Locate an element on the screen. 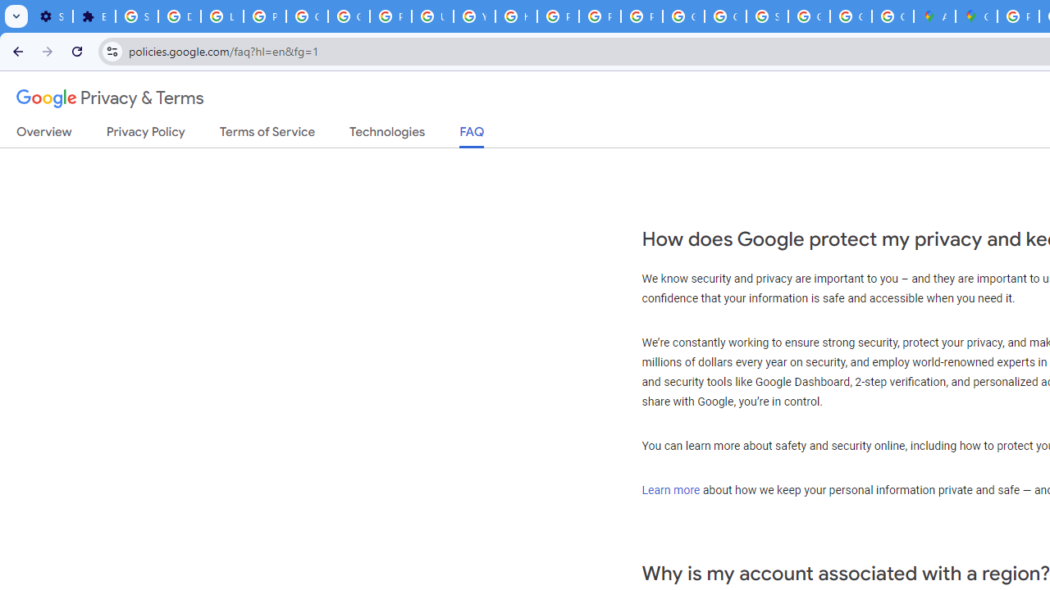 This screenshot has width=1050, height=590. 'Delete photos & videos - Computer - Google Photos Help' is located at coordinates (179, 16).